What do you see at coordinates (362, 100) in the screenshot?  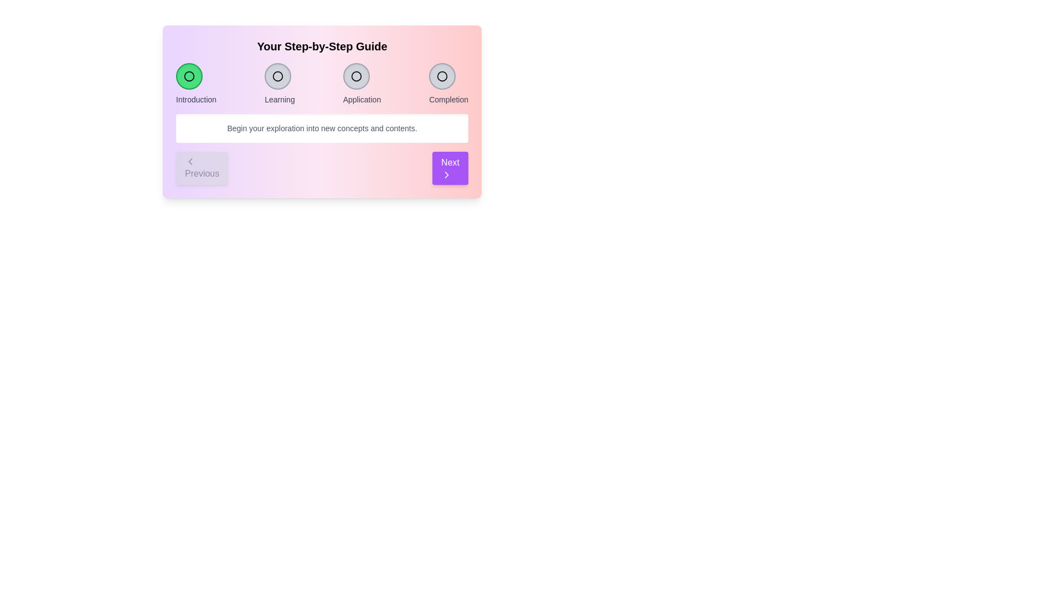 I see `the text label indicating the step titled 'Application', which is located in the top central area of the interface, directly below the third circular icon in the sequence of steps` at bounding box center [362, 100].